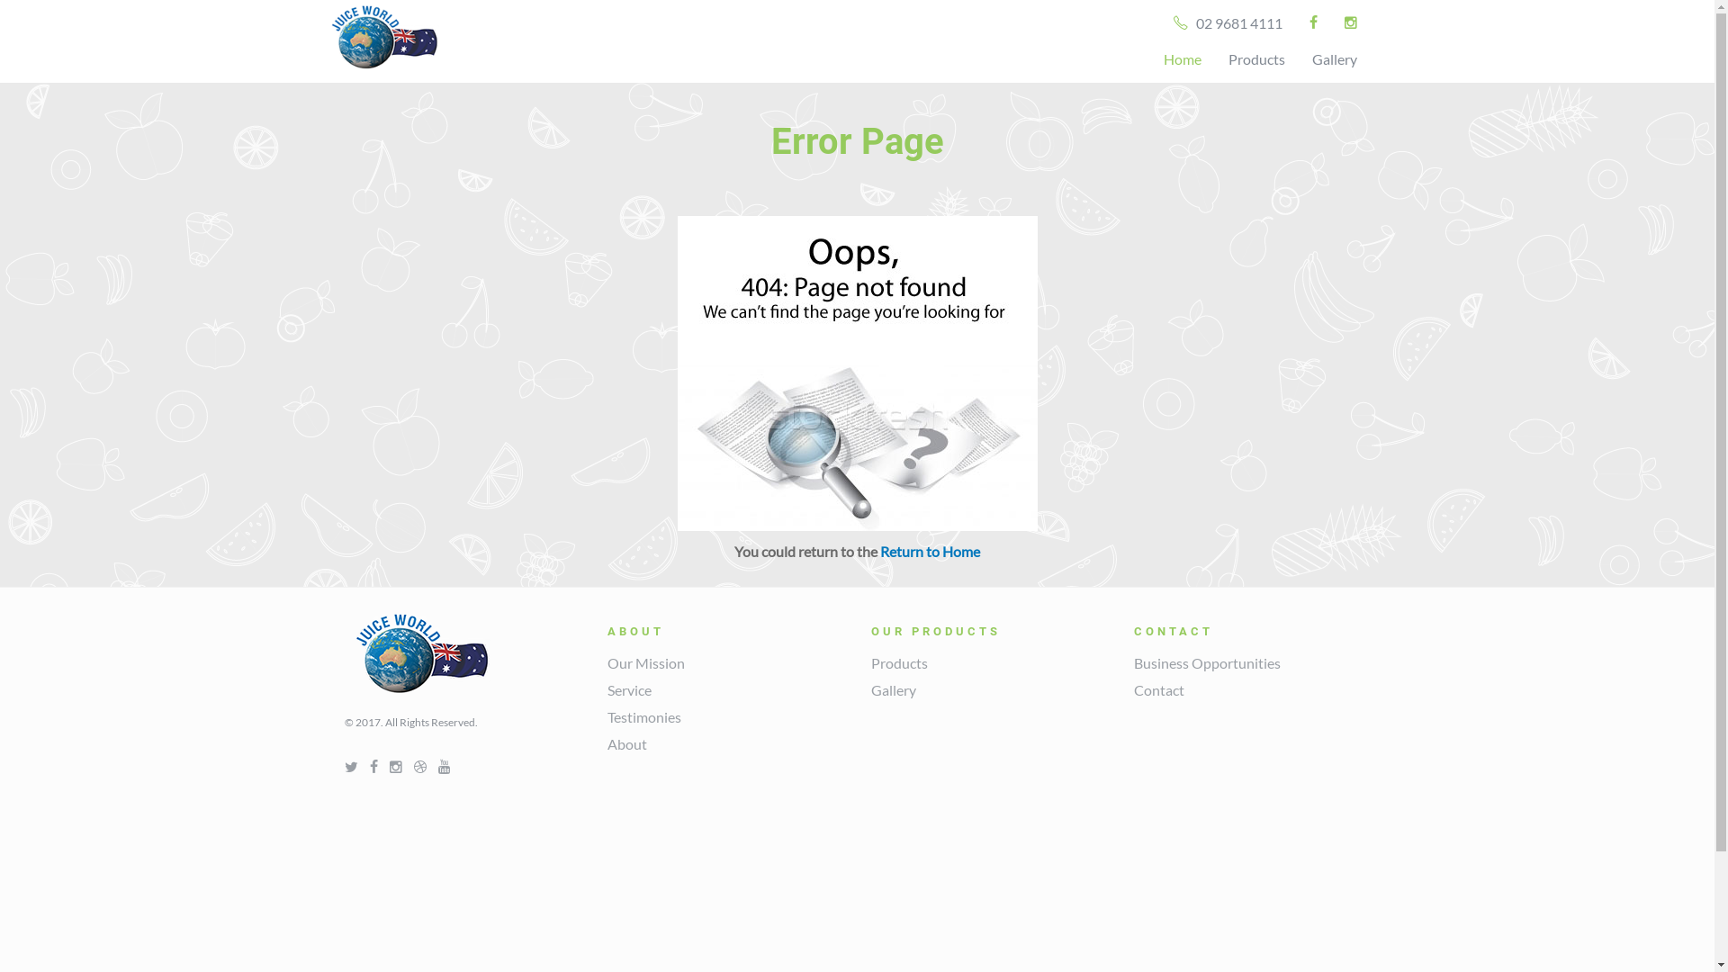  I want to click on 'Gallery', so click(894, 688).